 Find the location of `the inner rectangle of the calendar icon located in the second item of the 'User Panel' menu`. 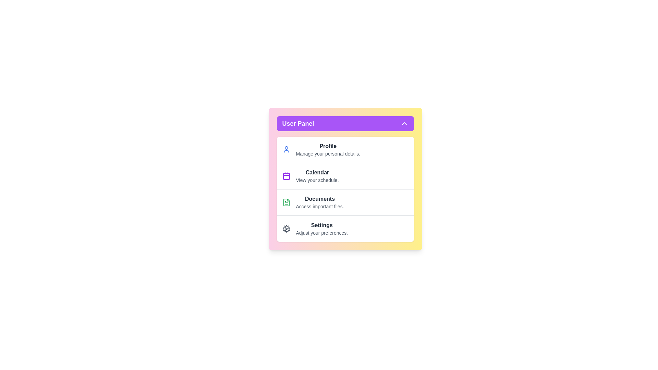

the inner rectangle of the calendar icon located in the second item of the 'User Panel' menu is located at coordinates (286, 176).